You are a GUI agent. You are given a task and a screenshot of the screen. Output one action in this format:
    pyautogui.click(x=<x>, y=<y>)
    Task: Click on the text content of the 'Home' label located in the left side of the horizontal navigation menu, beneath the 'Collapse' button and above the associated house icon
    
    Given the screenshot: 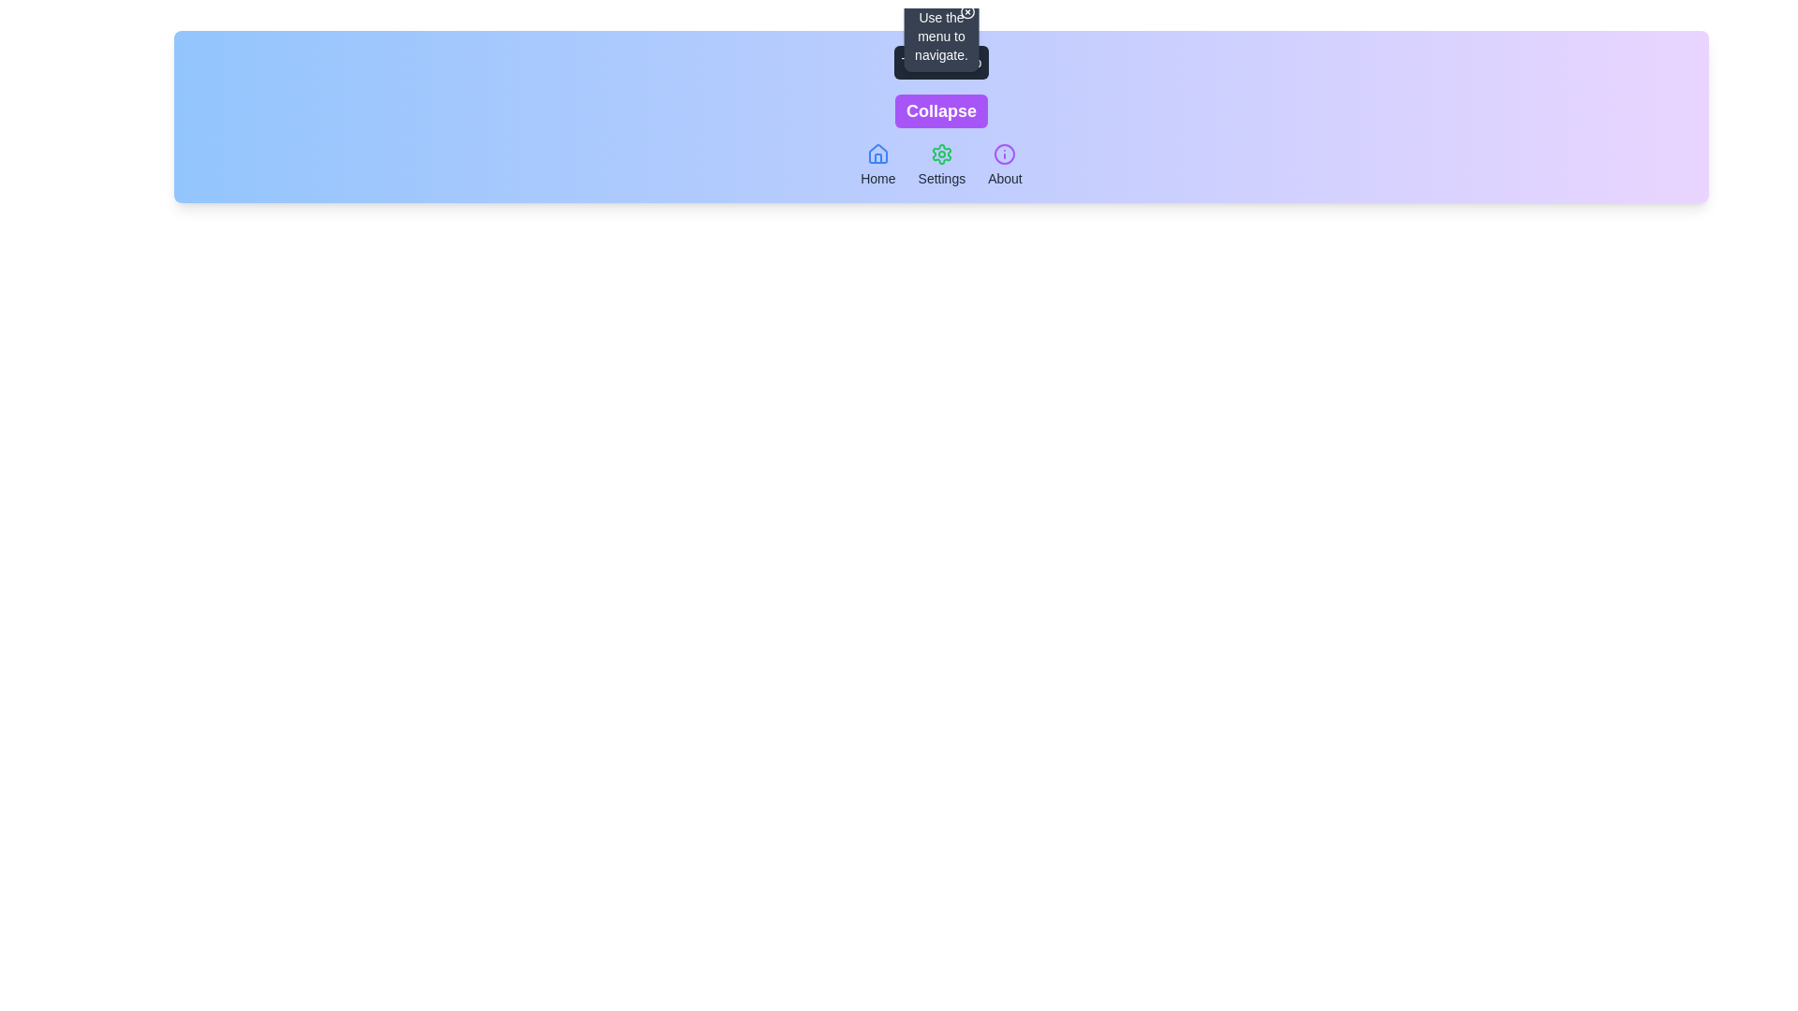 What is the action you would take?
    pyautogui.click(x=877, y=179)
    